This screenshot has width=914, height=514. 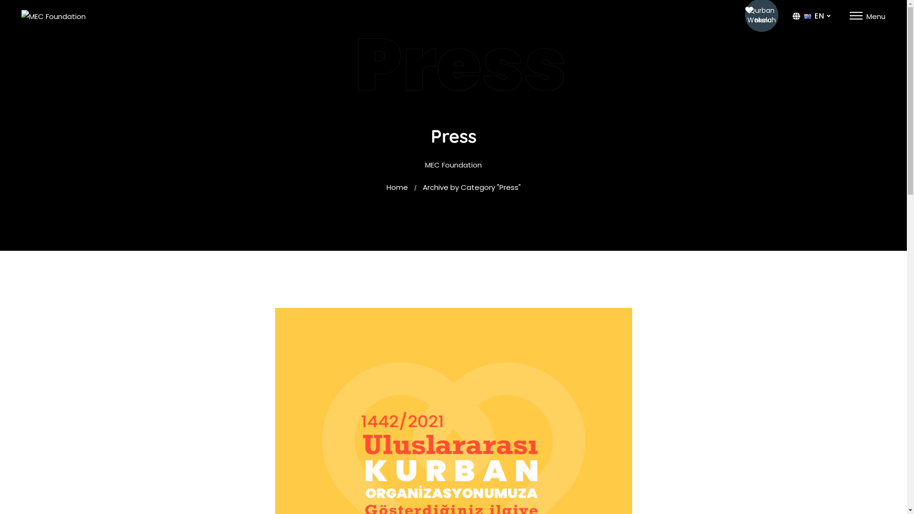 What do you see at coordinates (397, 187) in the screenshot?
I see `'Home'` at bounding box center [397, 187].